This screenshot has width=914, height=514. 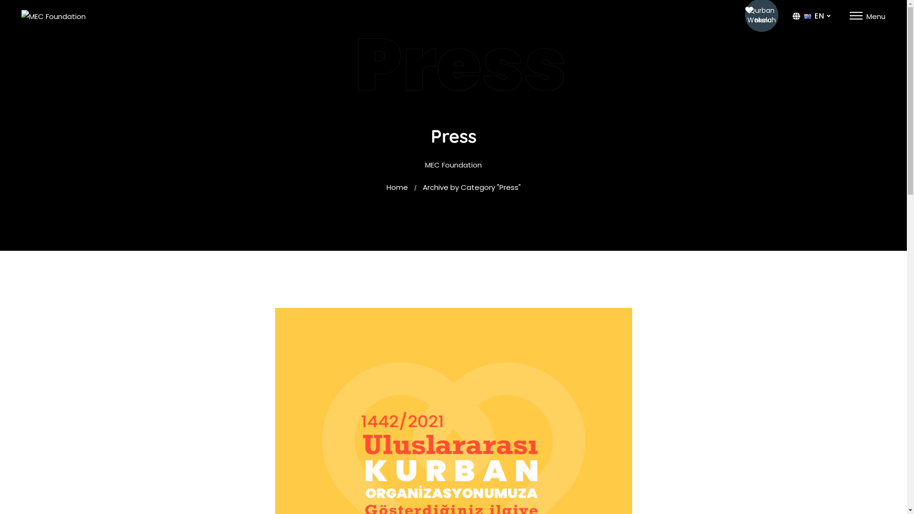 What do you see at coordinates (397, 187) in the screenshot?
I see `'Home'` at bounding box center [397, 187].